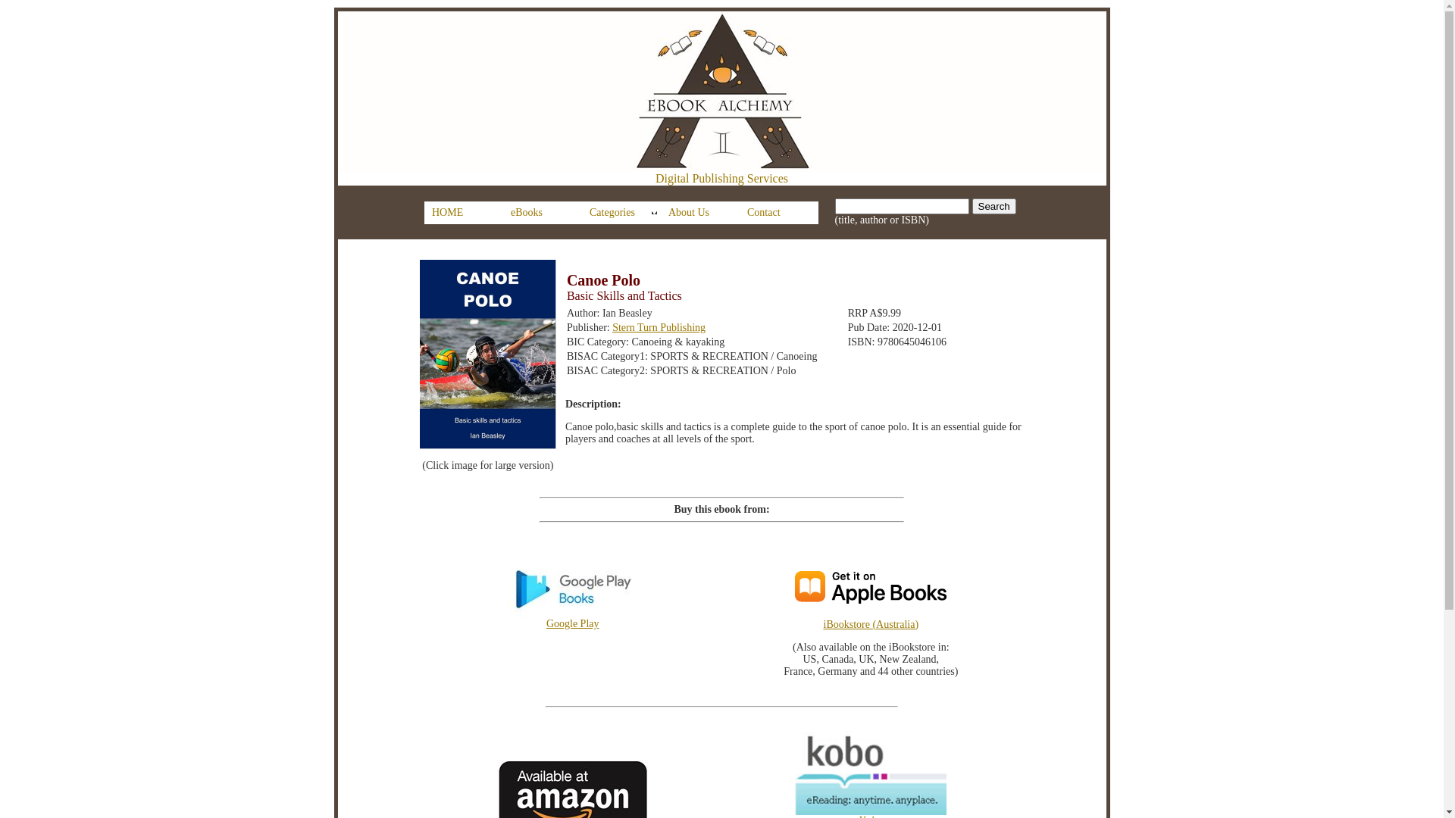  I want to click on 'HOME', so click(462, 213).